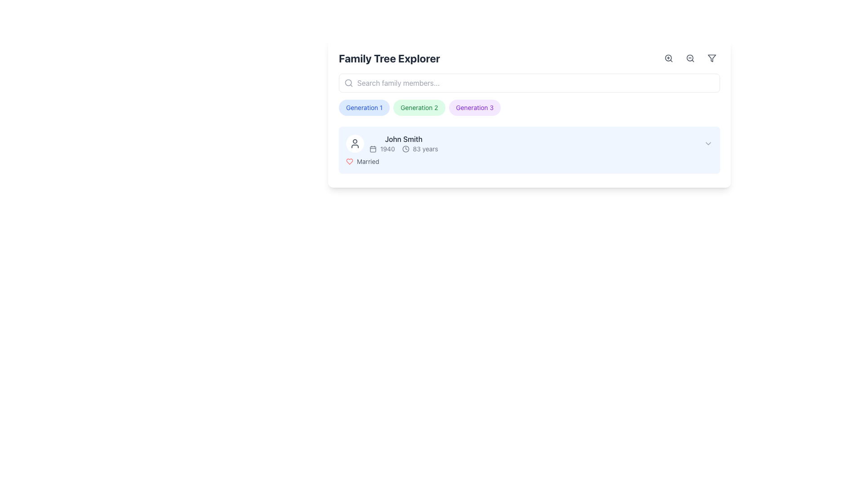 Image resolution: width=863 pixels, height=485 pixels. What do you see at coordinates (405, 148) in the screenshot?
I see `the outermost circular component of the clock icon located to the left of the text '1940' in the Family Tree Explorer interface` at bounding box center [405, 148].